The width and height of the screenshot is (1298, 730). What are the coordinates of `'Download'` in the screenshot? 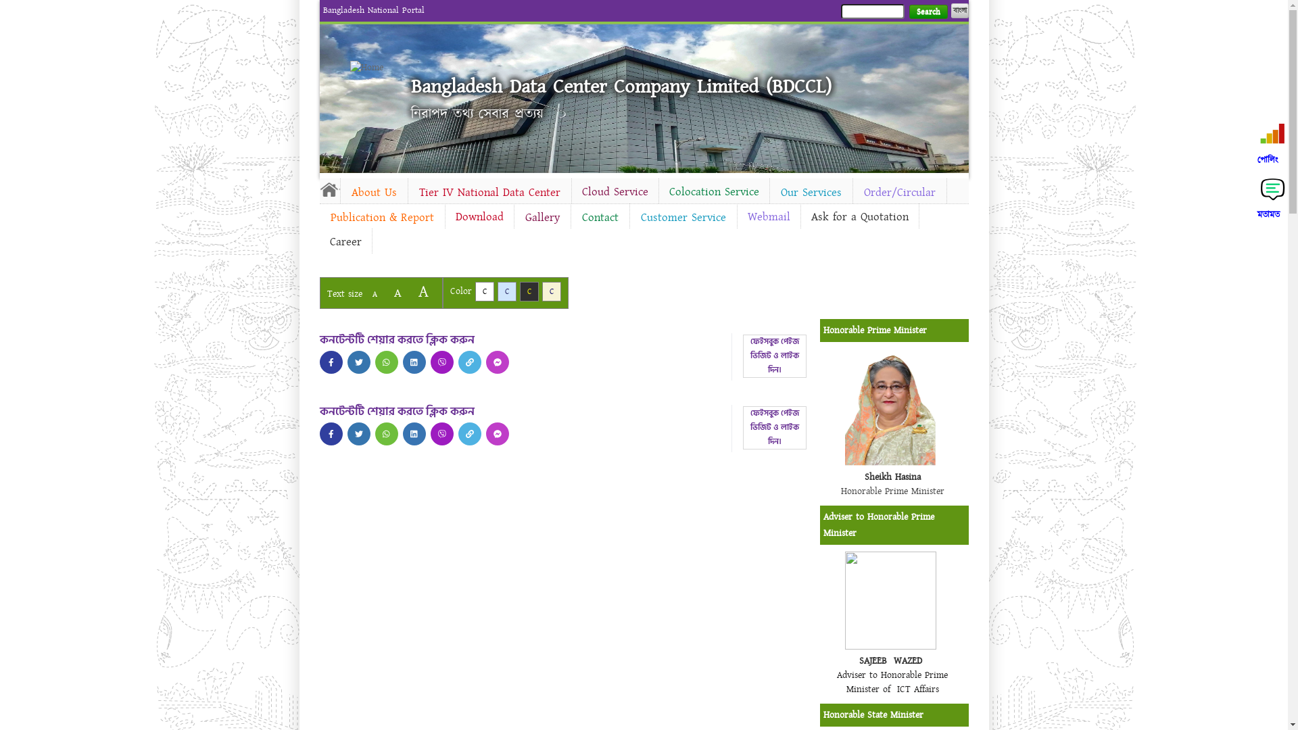 It's located at (444, 216).